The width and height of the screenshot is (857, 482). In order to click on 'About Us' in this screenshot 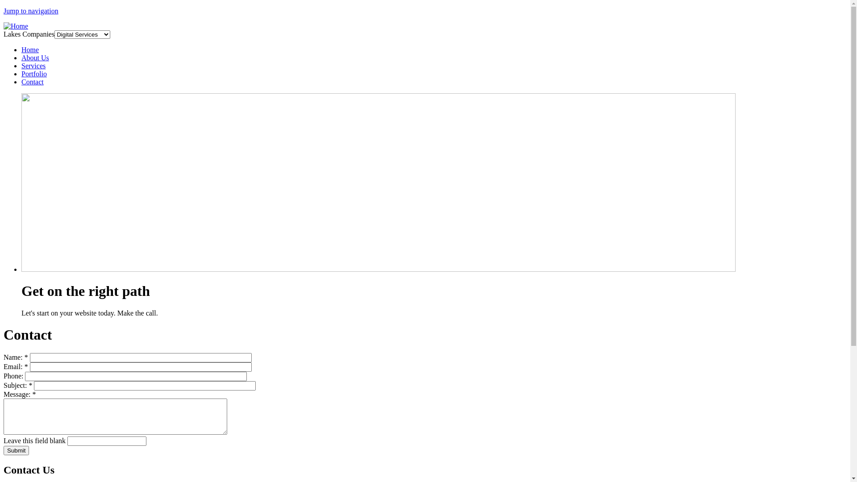, I will do `click(35, 58)`.